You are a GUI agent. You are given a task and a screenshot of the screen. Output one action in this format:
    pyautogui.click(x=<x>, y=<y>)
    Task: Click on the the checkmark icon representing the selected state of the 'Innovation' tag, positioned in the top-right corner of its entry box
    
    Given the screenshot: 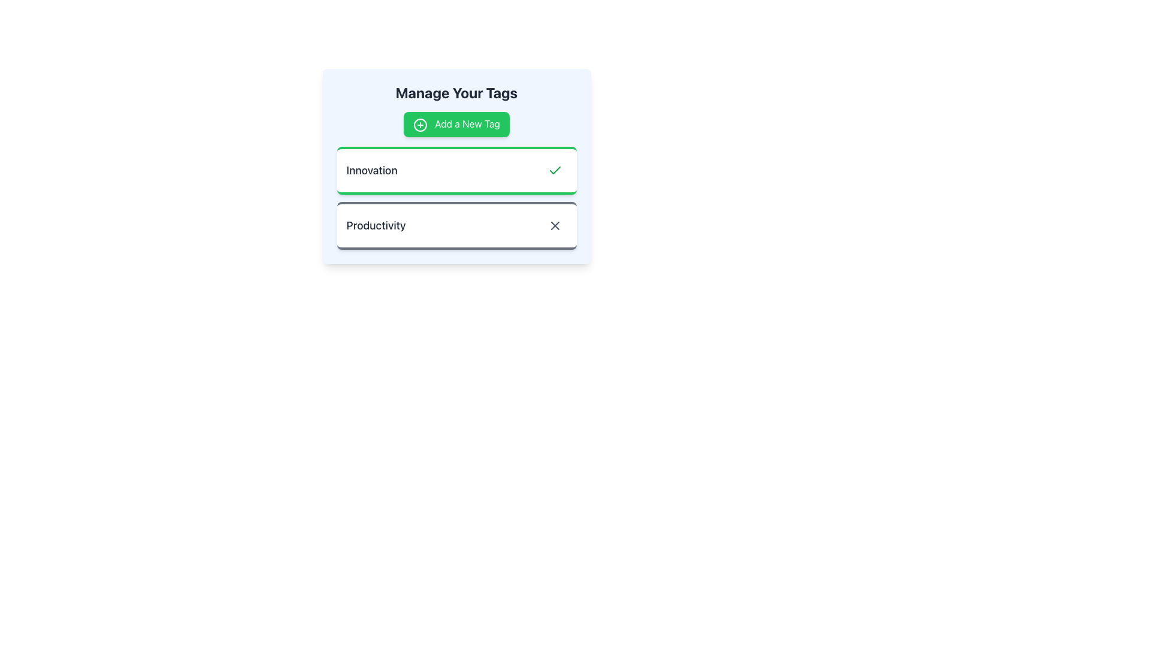 What is the action you would take?
    pyautogui.click(x=554, y=170)
    